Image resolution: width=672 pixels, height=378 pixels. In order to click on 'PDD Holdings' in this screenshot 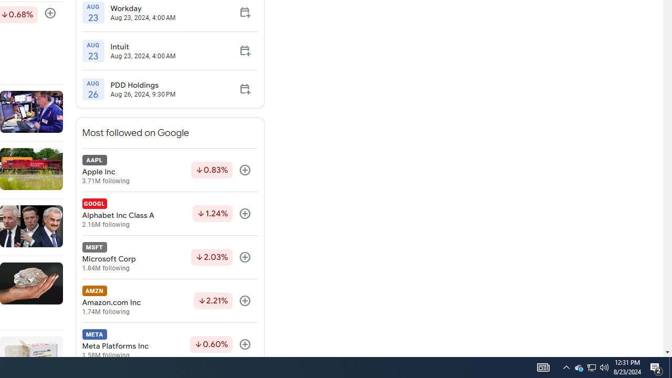, I will do `click(142, 85)`.